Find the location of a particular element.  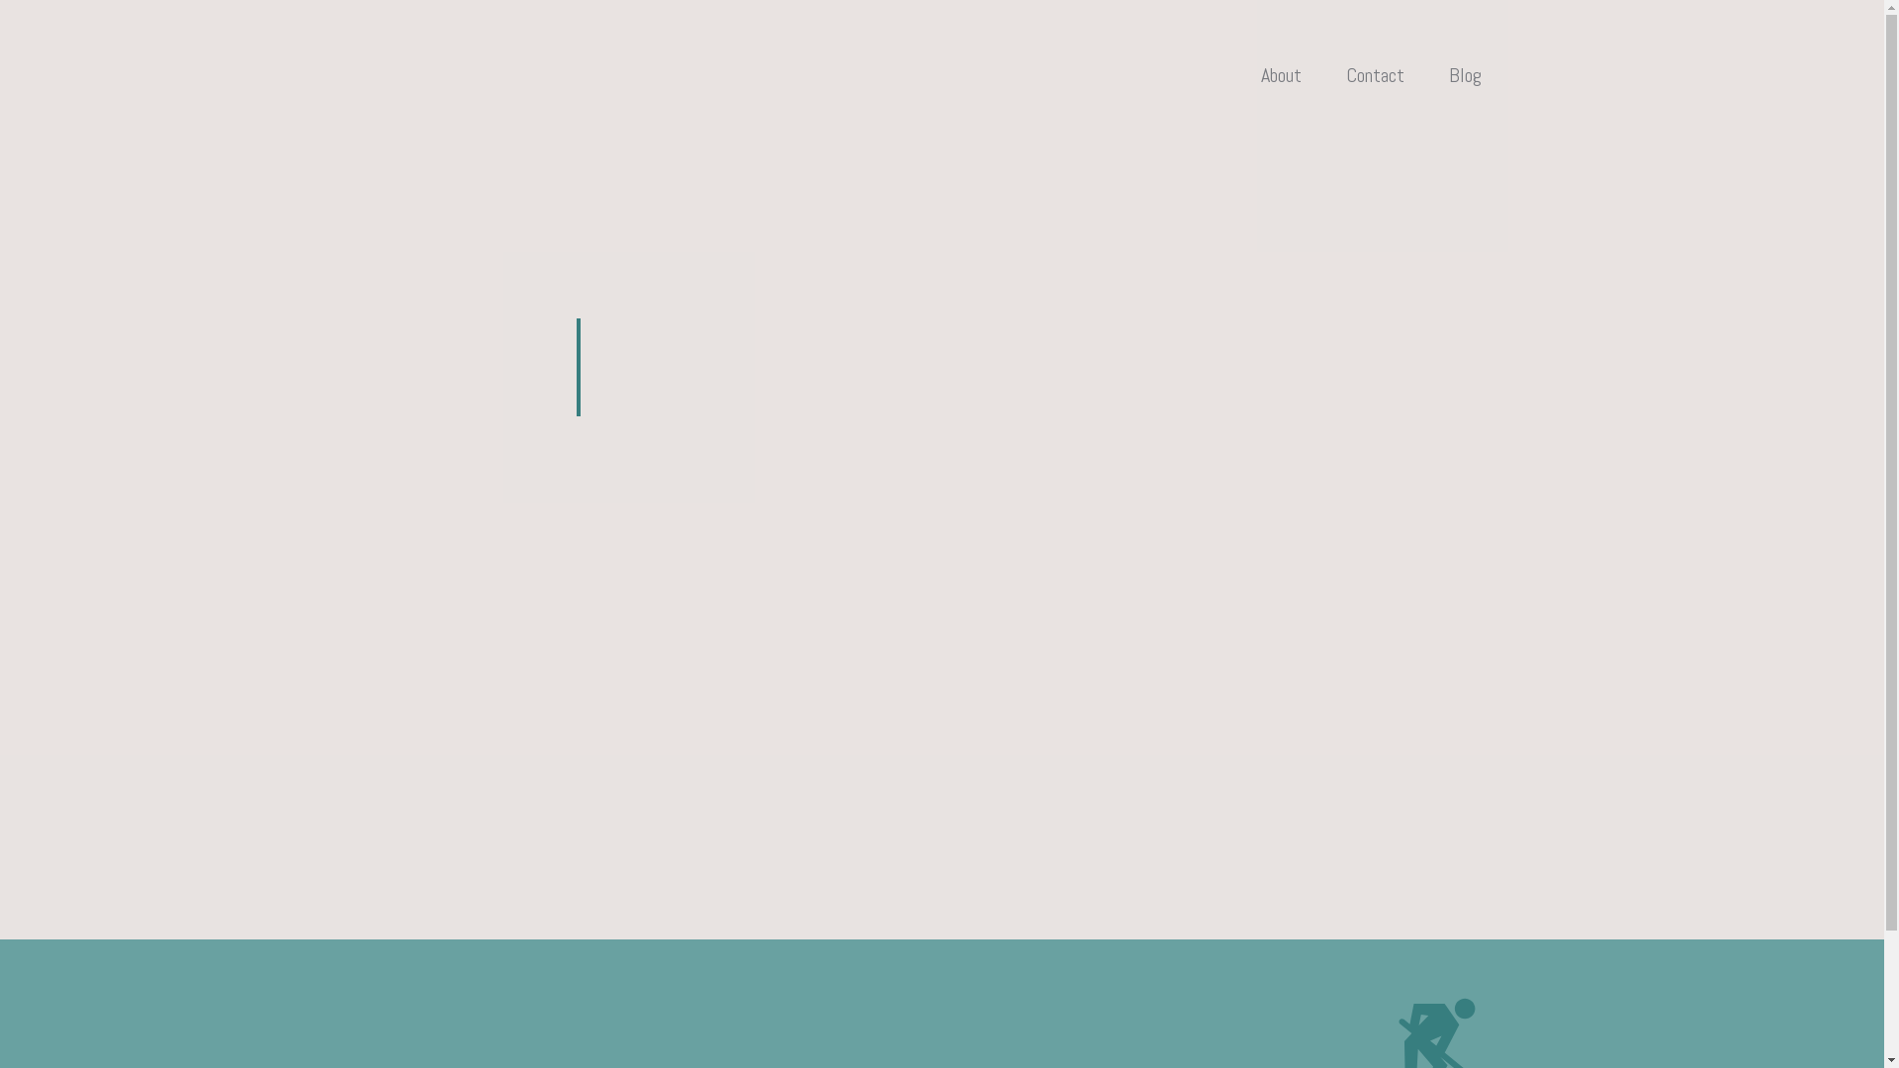

'Contact' is located at coordinates (1373, 74).